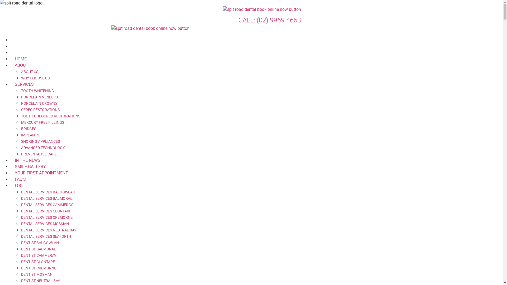 This screenshot has height=285, width=507. Describe the element at coordinates (37, 90) in the screenshot. I see `'TOOTH WHITENING'` at that location.